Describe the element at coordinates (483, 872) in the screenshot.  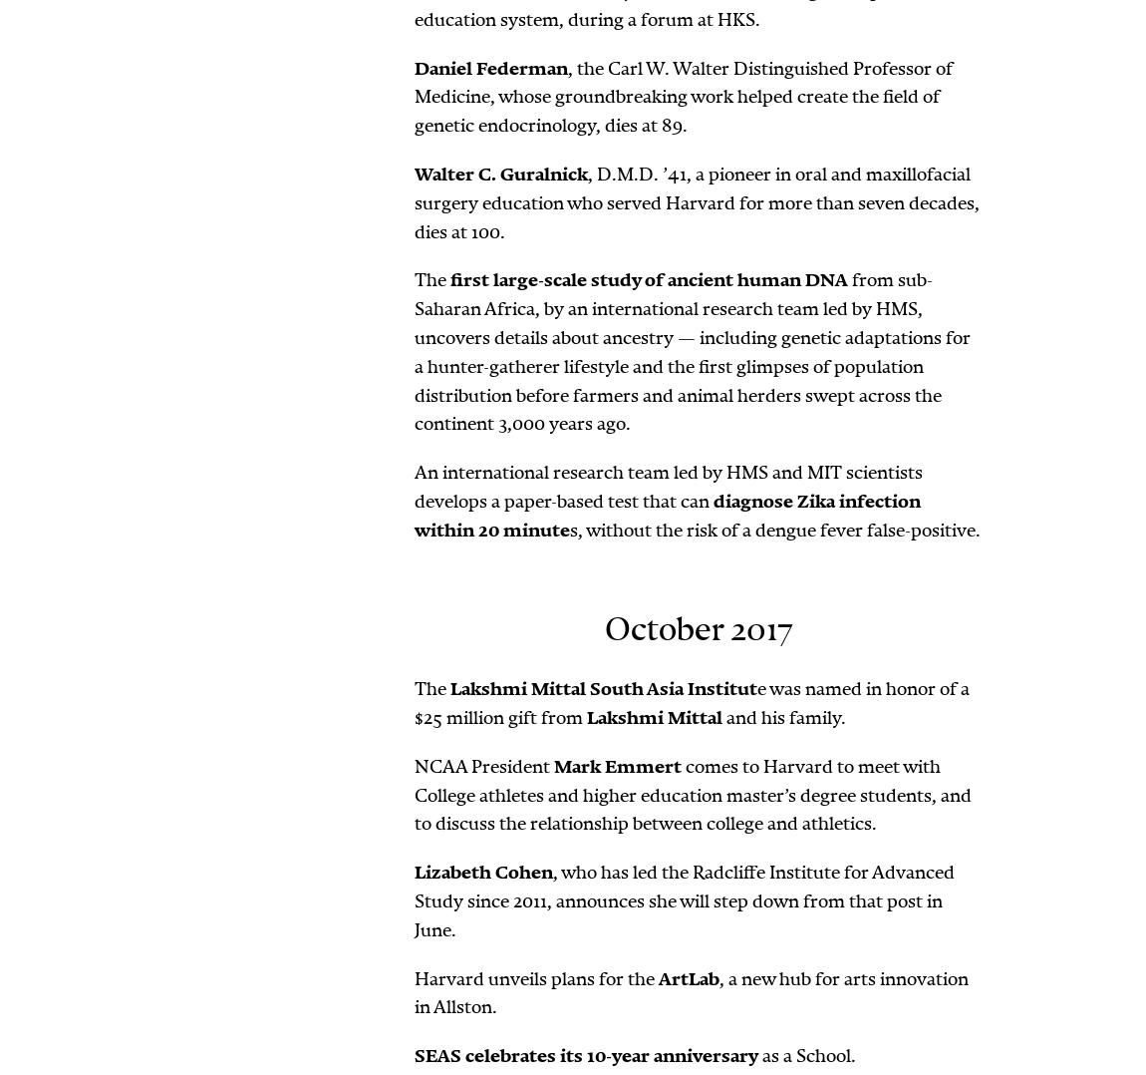
I see `'Lizabeth Cohen'` at that location.